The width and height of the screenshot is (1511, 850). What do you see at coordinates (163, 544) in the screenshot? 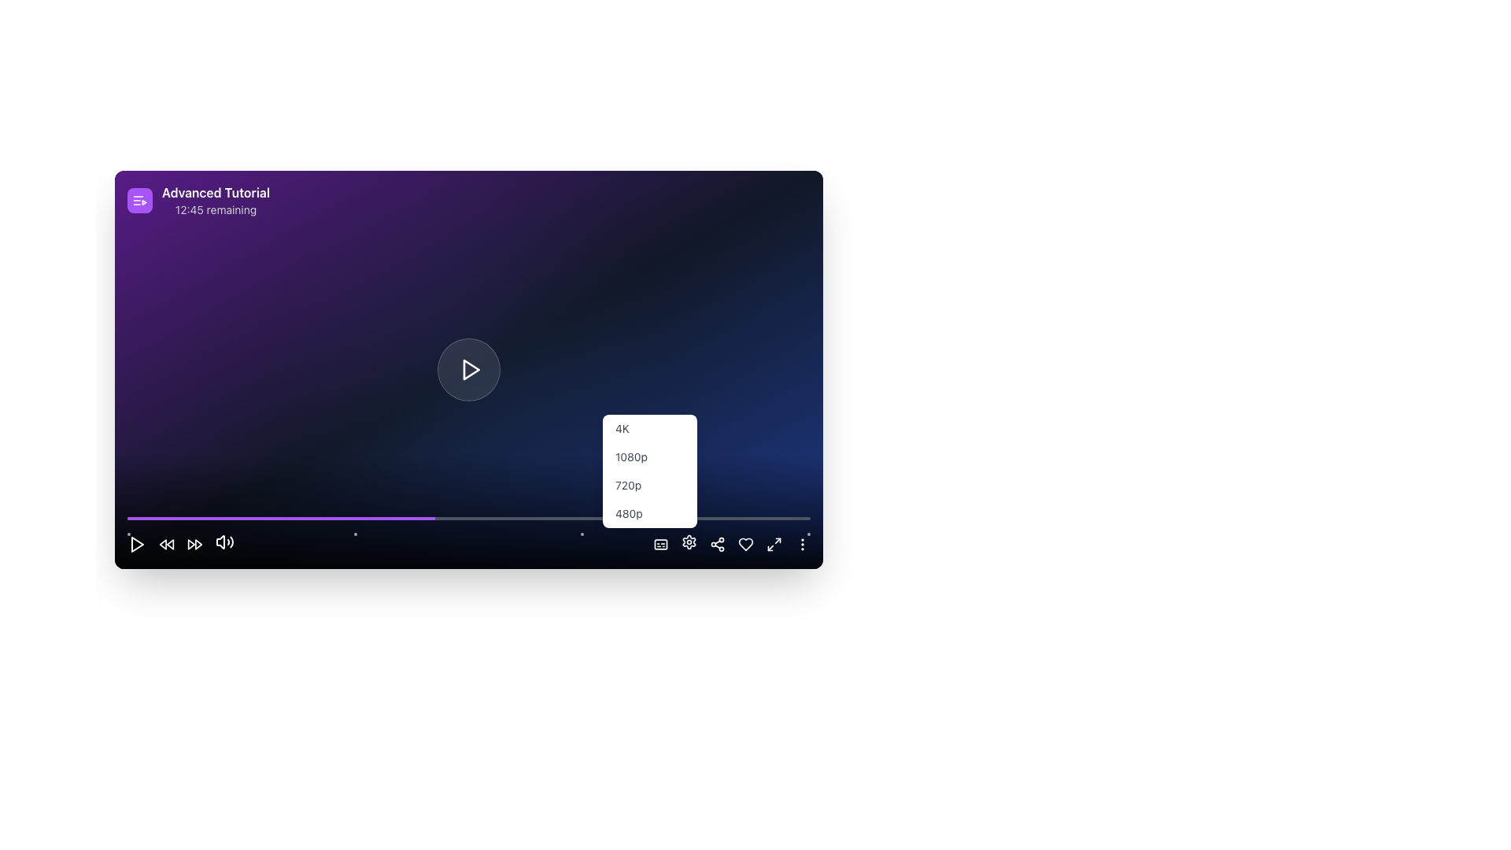
I see `the left-pointing arrow icon (red rewind icon)` at bounding box center [163, 544].